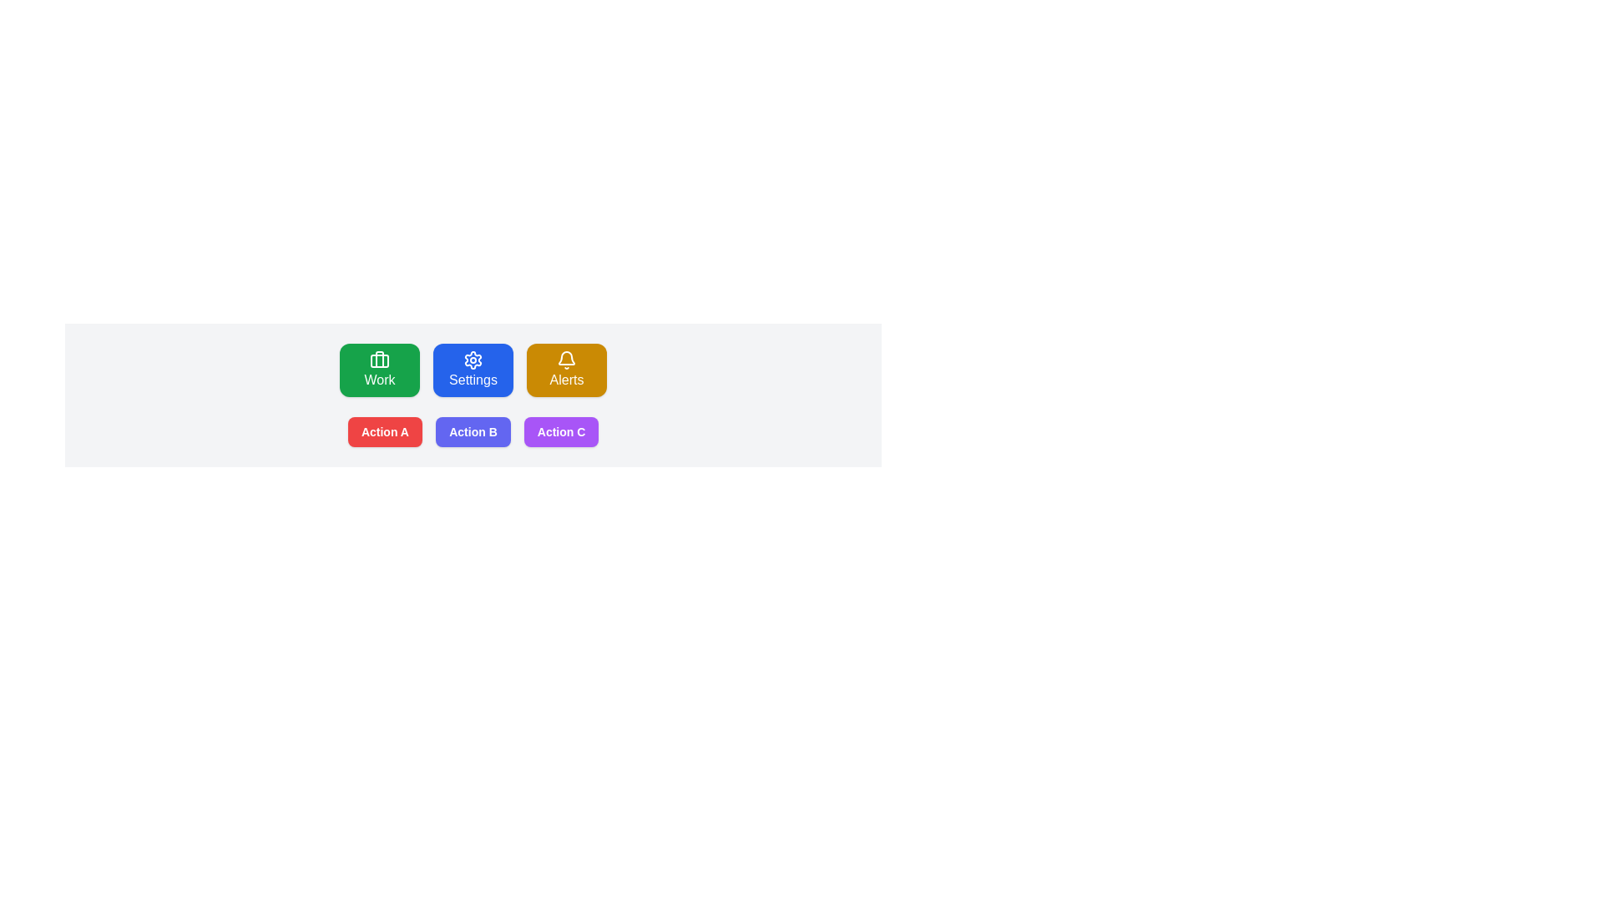  Describe the element at coordinates (566, 360) in the screenshot. I see `the third icon from the left, which is a bell icon with a yellow-orange background and white outline, located under the label 'Alerts'` at that location.